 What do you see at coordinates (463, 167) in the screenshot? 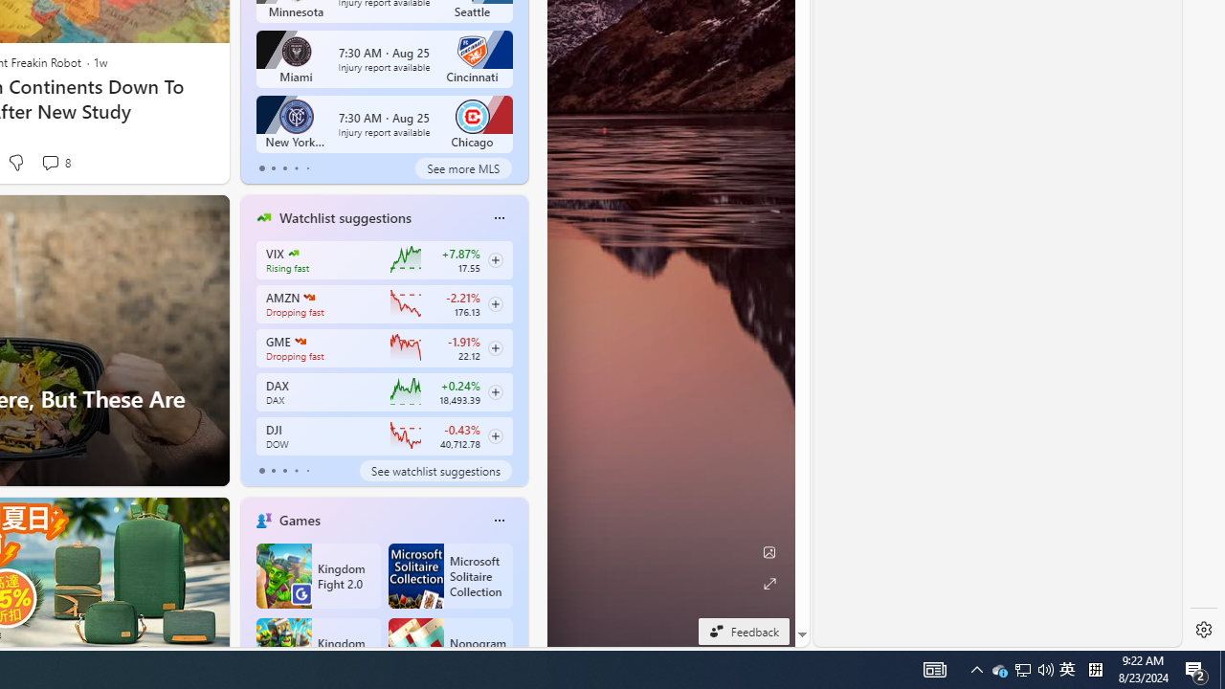
I see `'See more MLS'` at bounding box center [463, 167].